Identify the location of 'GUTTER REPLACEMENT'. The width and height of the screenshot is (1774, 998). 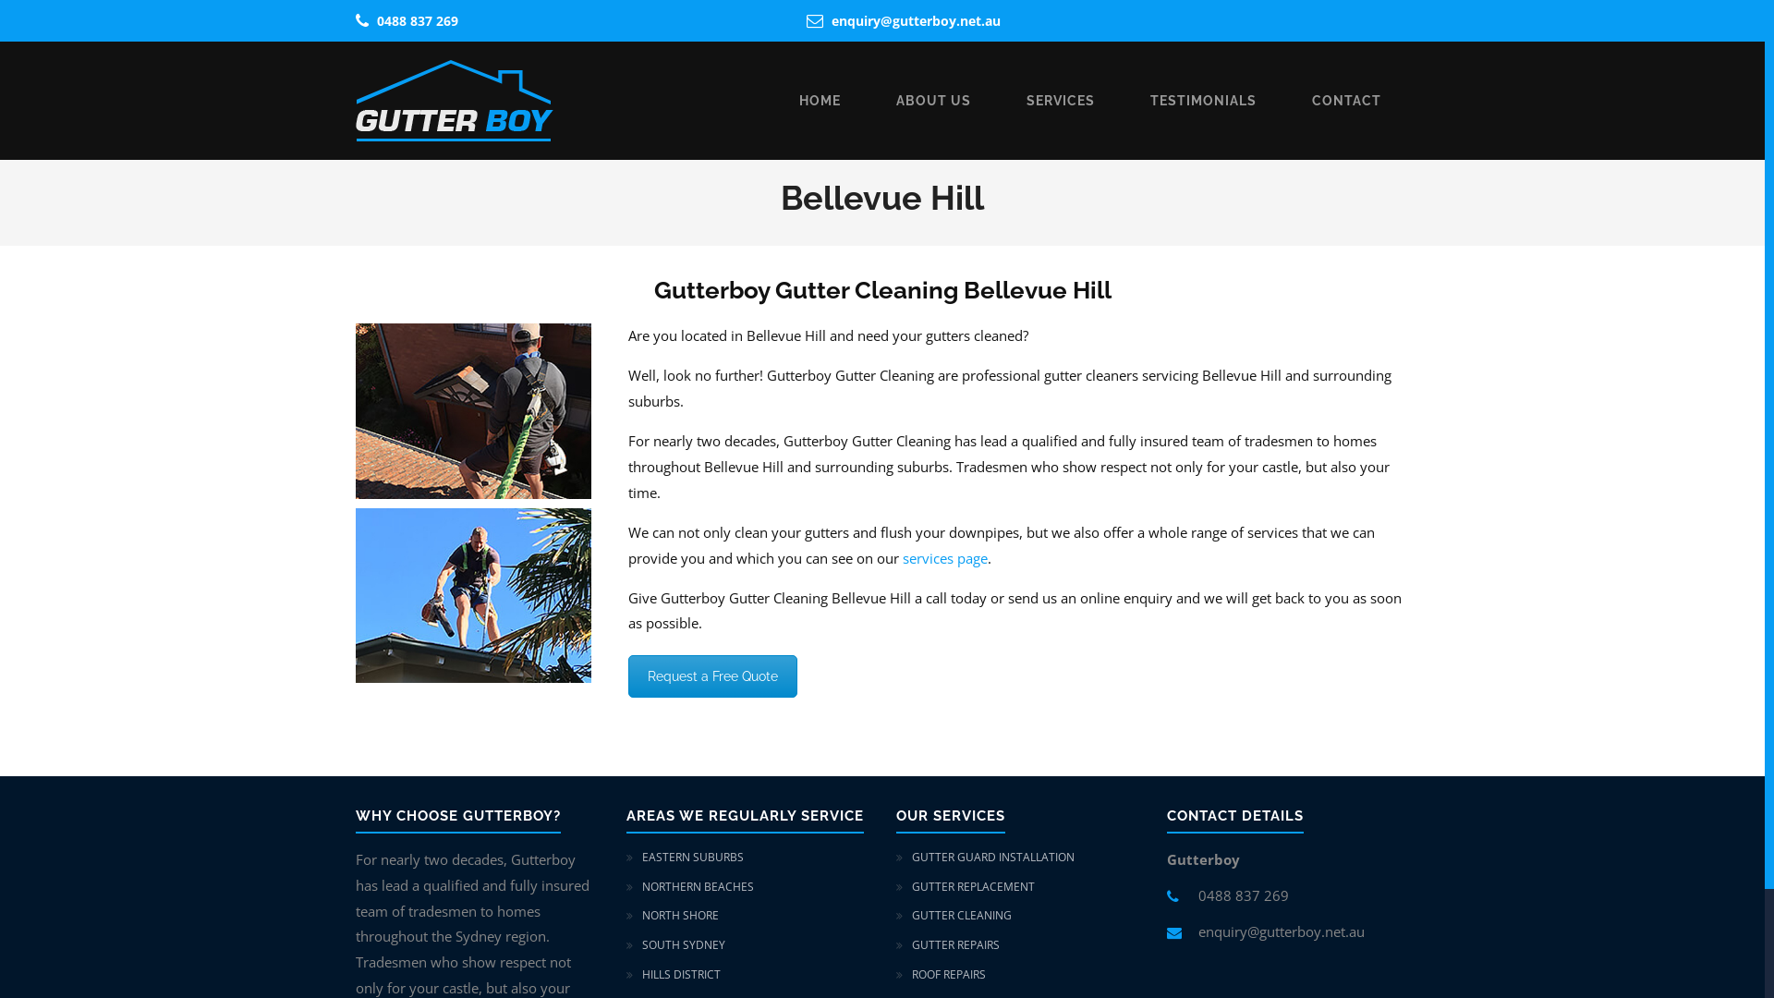
(912, 885).